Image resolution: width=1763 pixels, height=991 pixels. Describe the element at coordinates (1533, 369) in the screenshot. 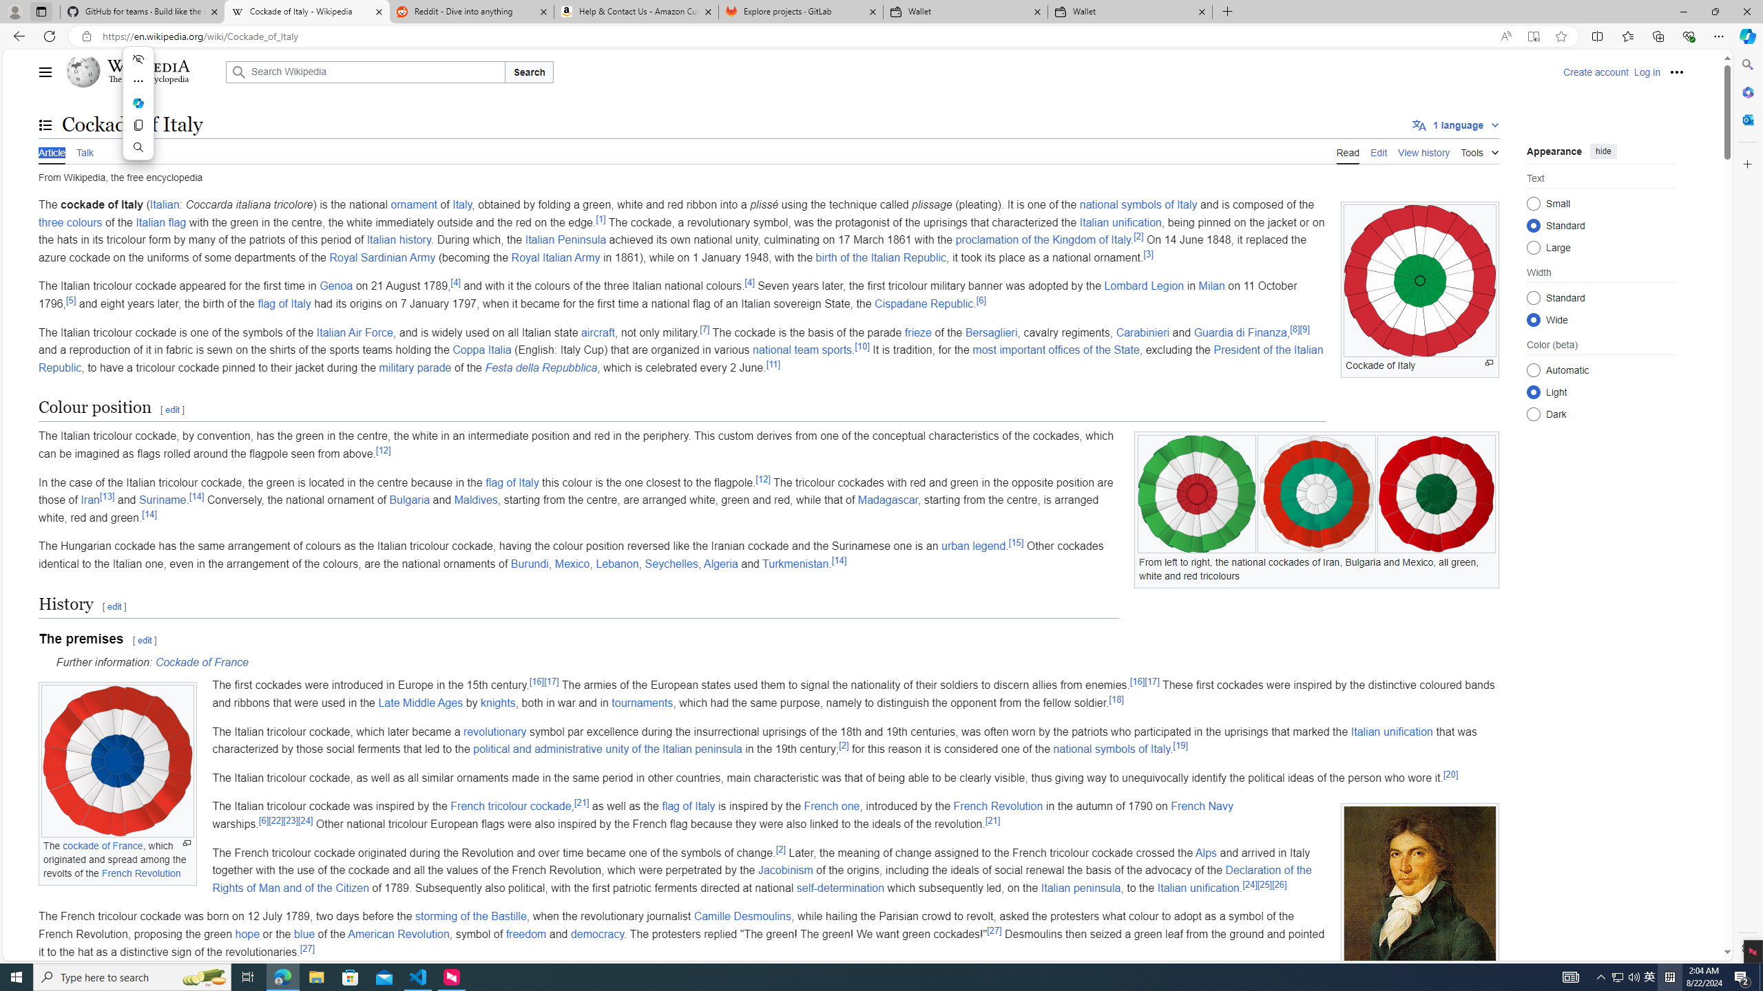

I see `'Automatic'` at that location.